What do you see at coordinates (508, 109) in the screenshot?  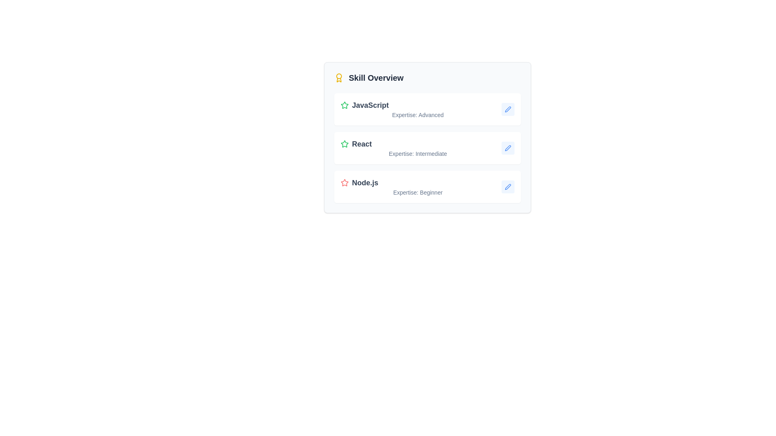 I see `the edit button located at the top-right corner of the JavaScript skill card` at bounding box center [508, 109].